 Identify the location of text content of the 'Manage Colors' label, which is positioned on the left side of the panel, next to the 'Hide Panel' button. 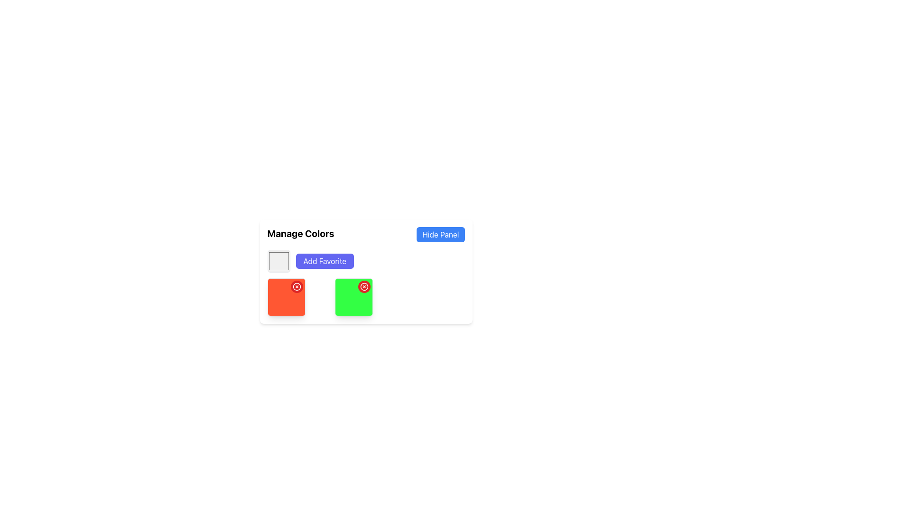
(300, 234).